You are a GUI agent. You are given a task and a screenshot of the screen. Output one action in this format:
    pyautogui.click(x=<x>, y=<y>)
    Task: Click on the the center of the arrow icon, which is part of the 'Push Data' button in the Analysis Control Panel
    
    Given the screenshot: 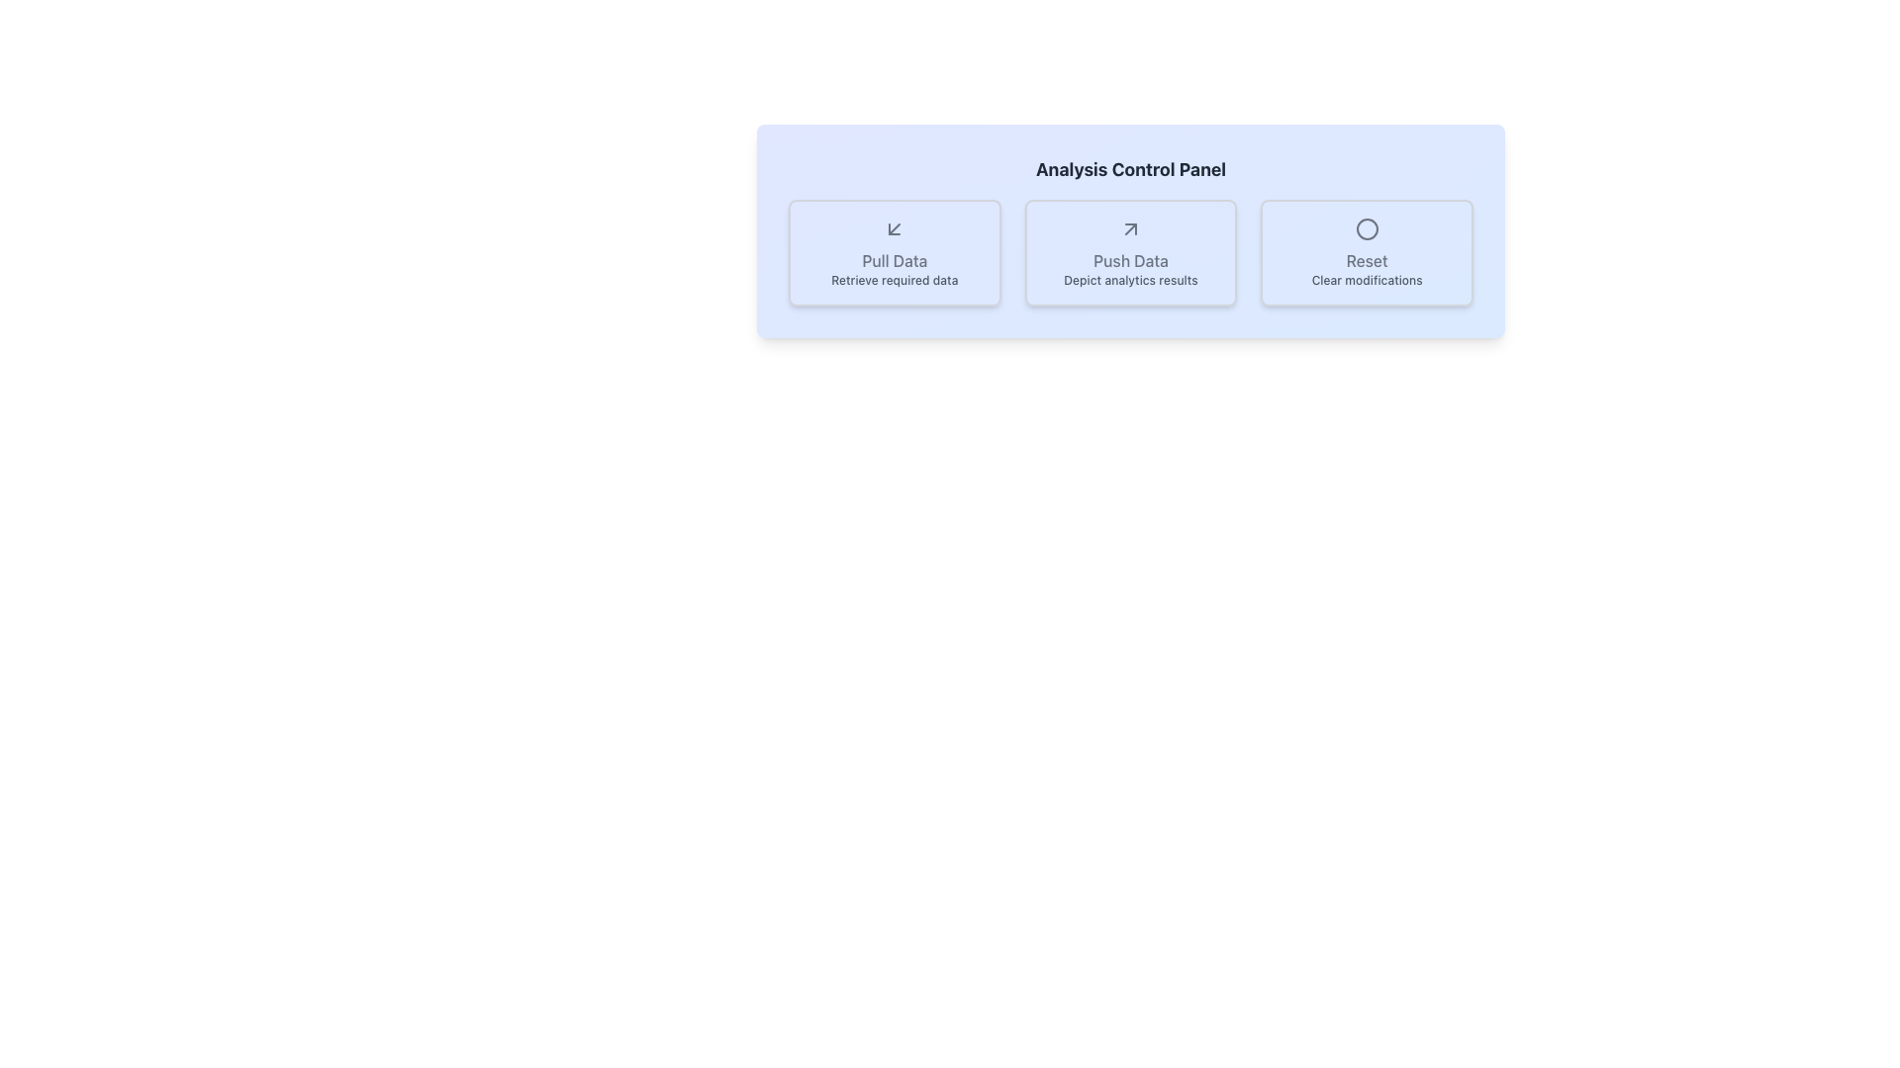 What is the action you would take?
    pyautogui.click(x=1130, y=227)
    